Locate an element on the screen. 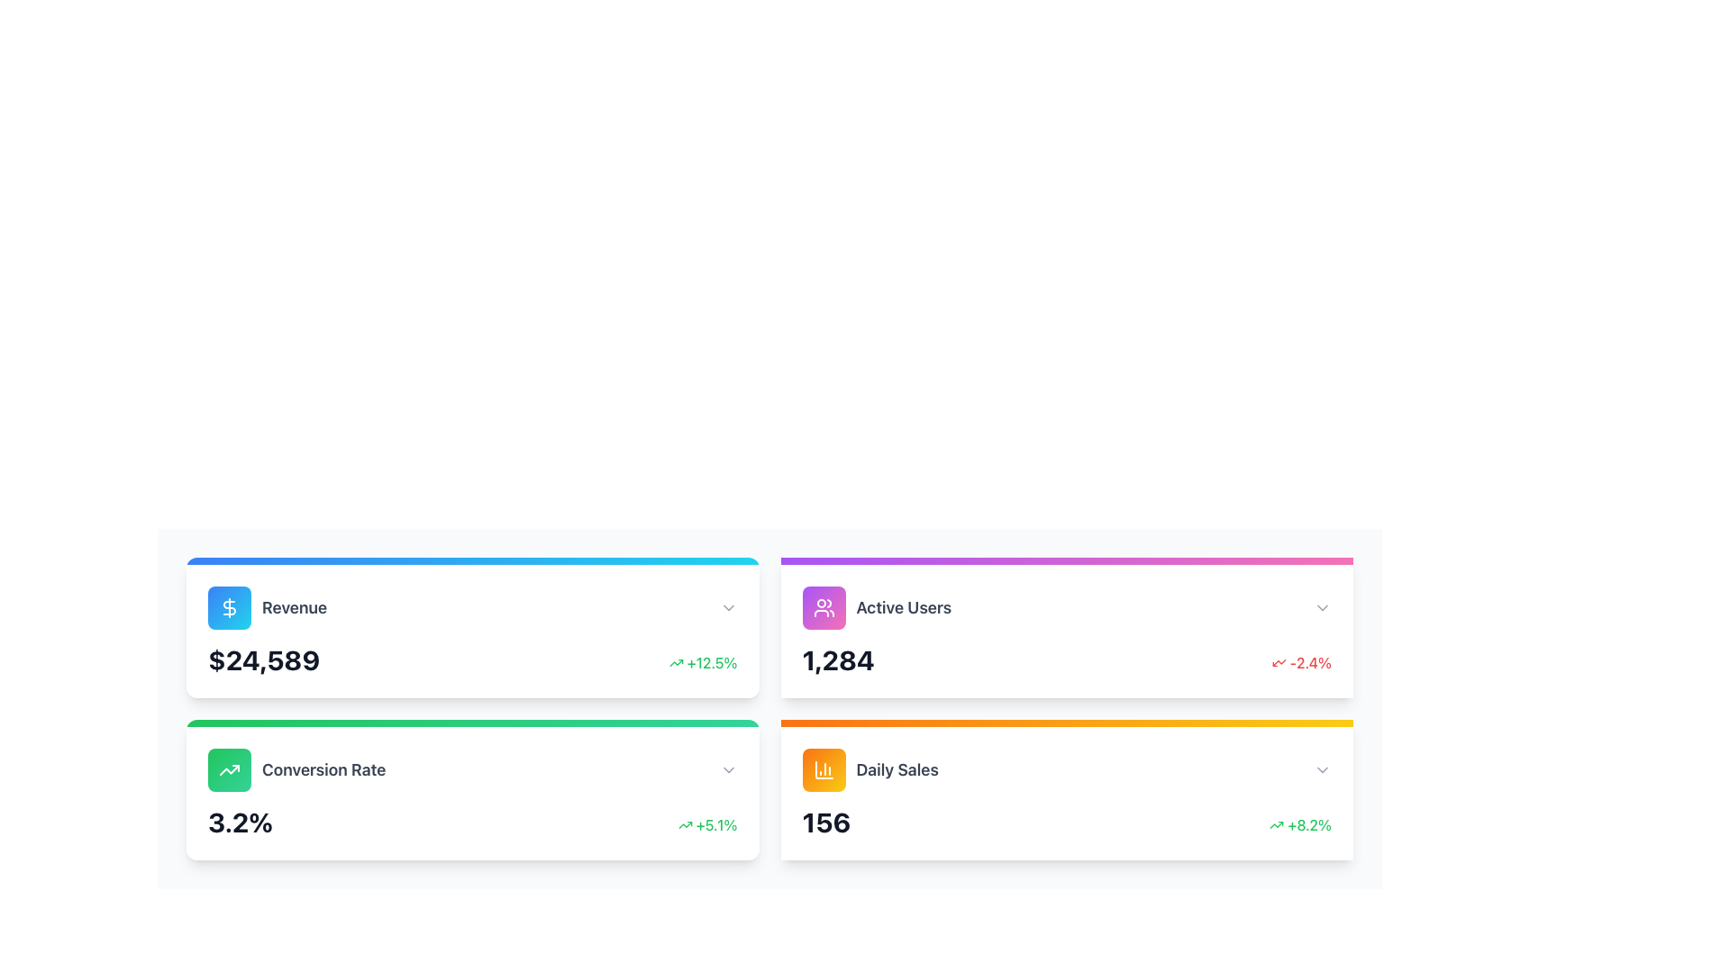  the lower segment of the dollar sign icon within the blue 'Revenue' card located in the top-left section of the interface is located at coordinates (228, 608).